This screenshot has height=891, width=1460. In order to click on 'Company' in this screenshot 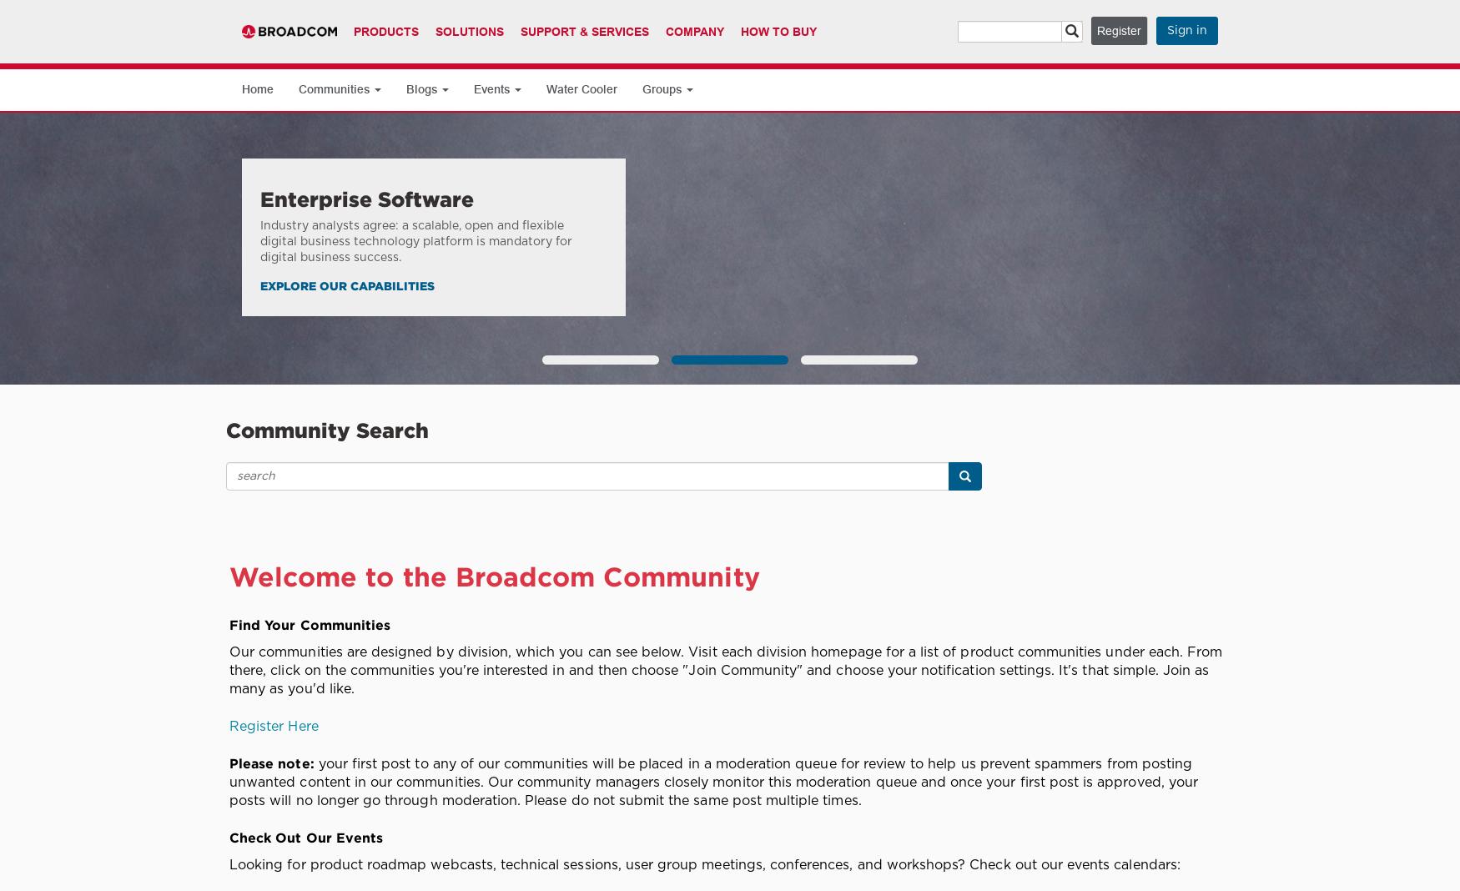, I will do `click(665, 31)`.